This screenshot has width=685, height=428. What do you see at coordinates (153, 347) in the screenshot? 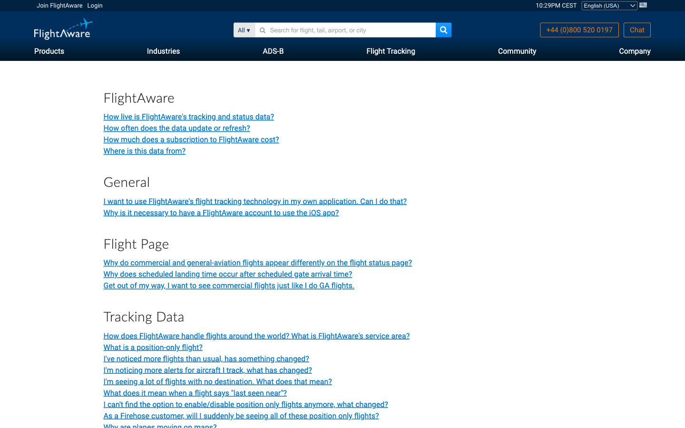
I see `Check what is a position-only flight` at bounding box center [153, 347].